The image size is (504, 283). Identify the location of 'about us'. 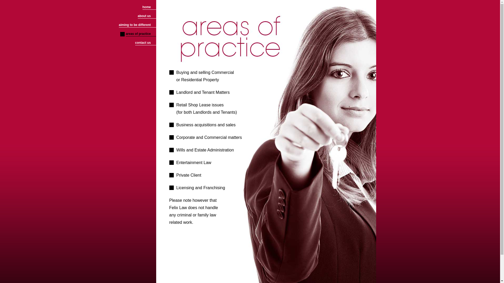
(147, 16).